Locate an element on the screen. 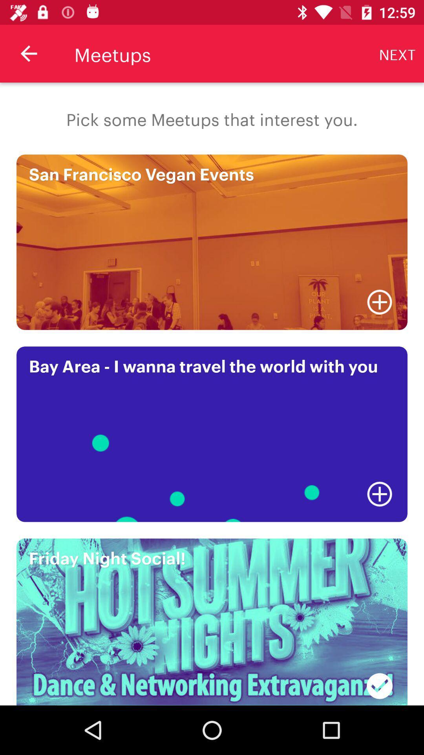  item next to meetups icon is located at coordinates (28, 53).